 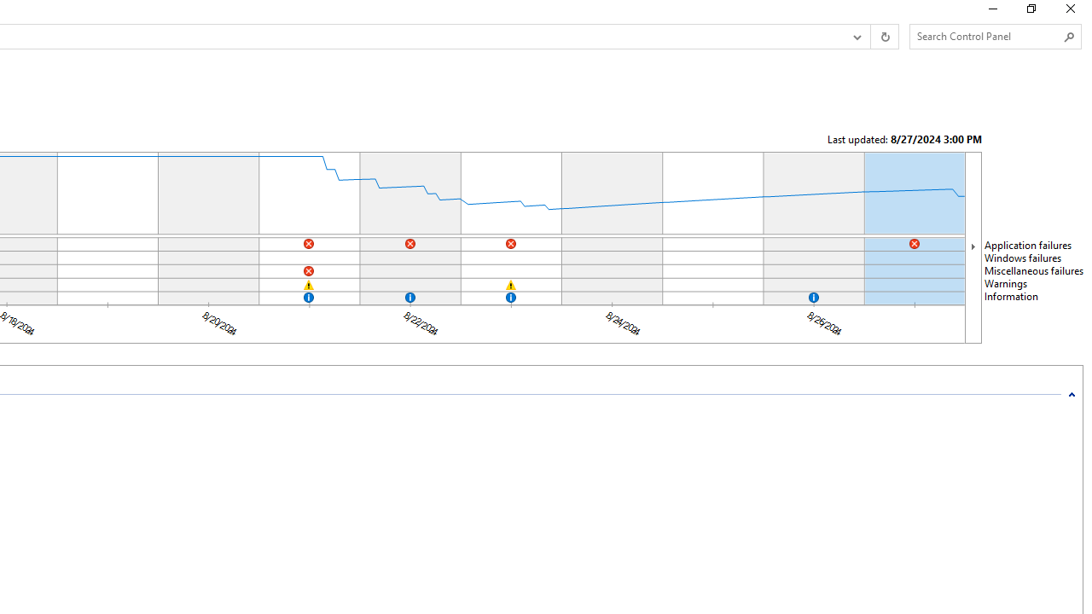 I want to click on 'Previous Locations', so click(x=856, y=37).